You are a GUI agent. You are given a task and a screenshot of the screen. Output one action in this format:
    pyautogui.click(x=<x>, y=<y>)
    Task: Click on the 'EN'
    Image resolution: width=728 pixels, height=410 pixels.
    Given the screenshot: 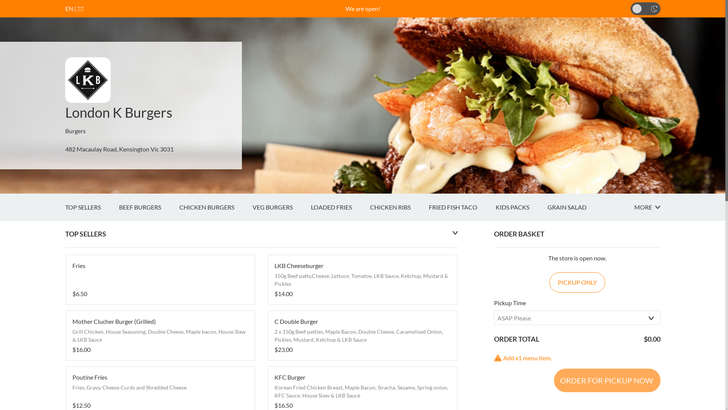 What is the action you would take?
    pyautogui.click(x=69, y=8)
    